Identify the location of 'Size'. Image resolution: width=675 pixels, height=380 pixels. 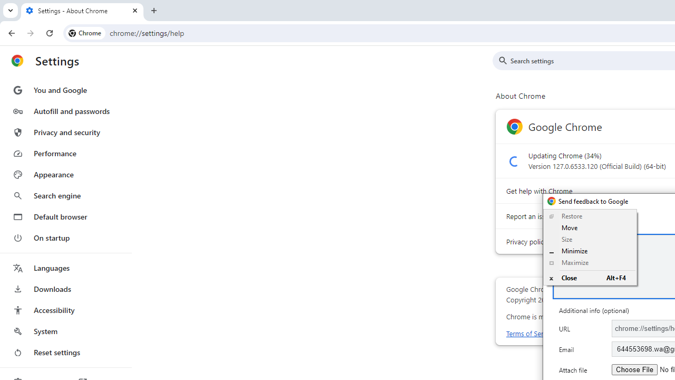
(589, 239).